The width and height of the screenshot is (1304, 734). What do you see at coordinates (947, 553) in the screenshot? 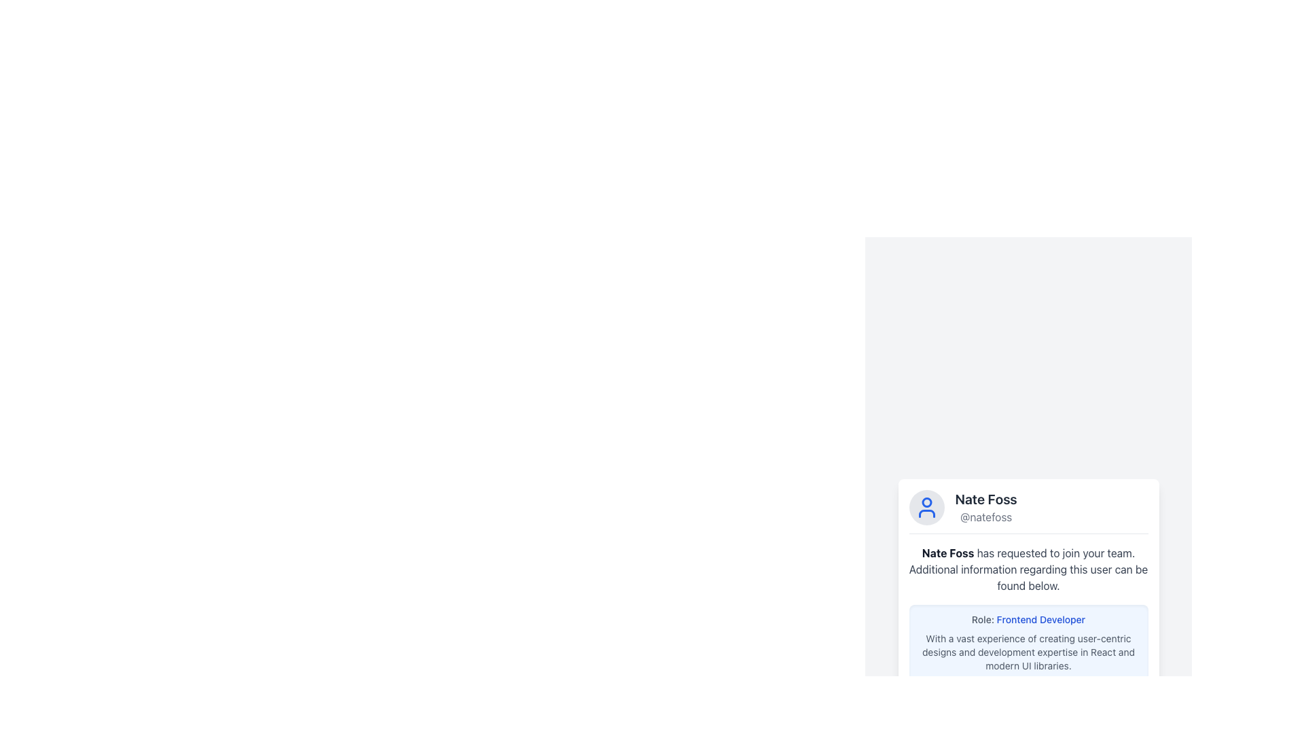
I see `the bold text label reading 'Nate Foss' which is styled in black color and precedes the sentence 'has requested to join your team'` at bounding box center [947, 553].